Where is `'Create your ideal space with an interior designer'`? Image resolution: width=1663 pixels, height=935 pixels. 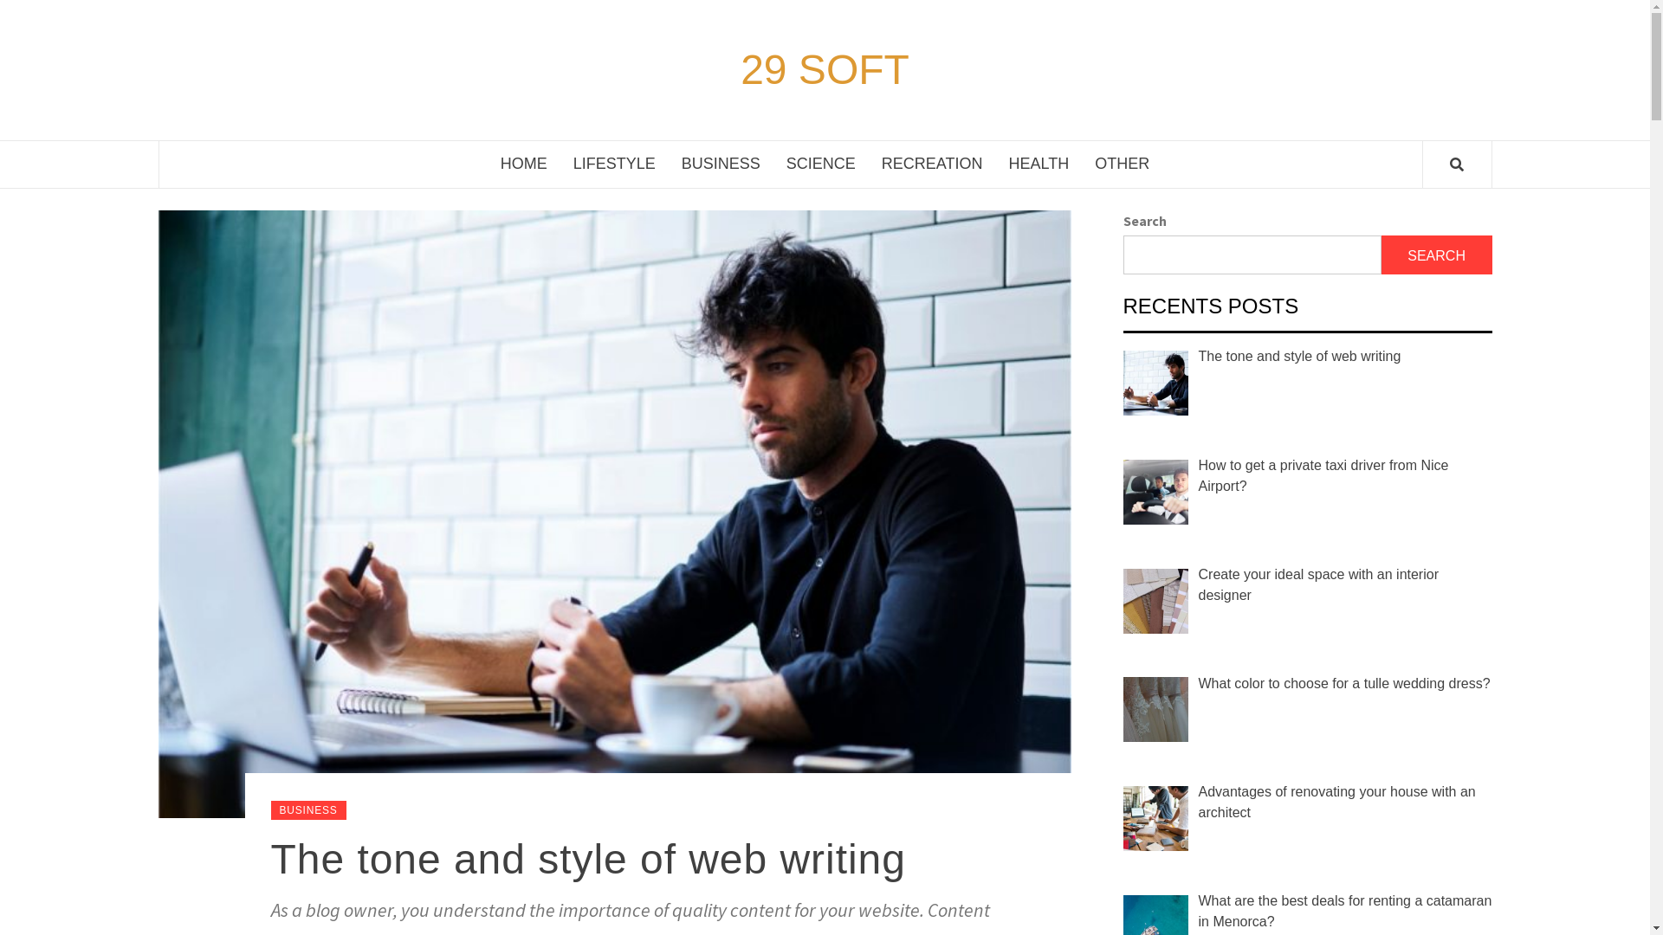
'Create your ideal space with an interior designer' is located at coordinates (1197, 584).